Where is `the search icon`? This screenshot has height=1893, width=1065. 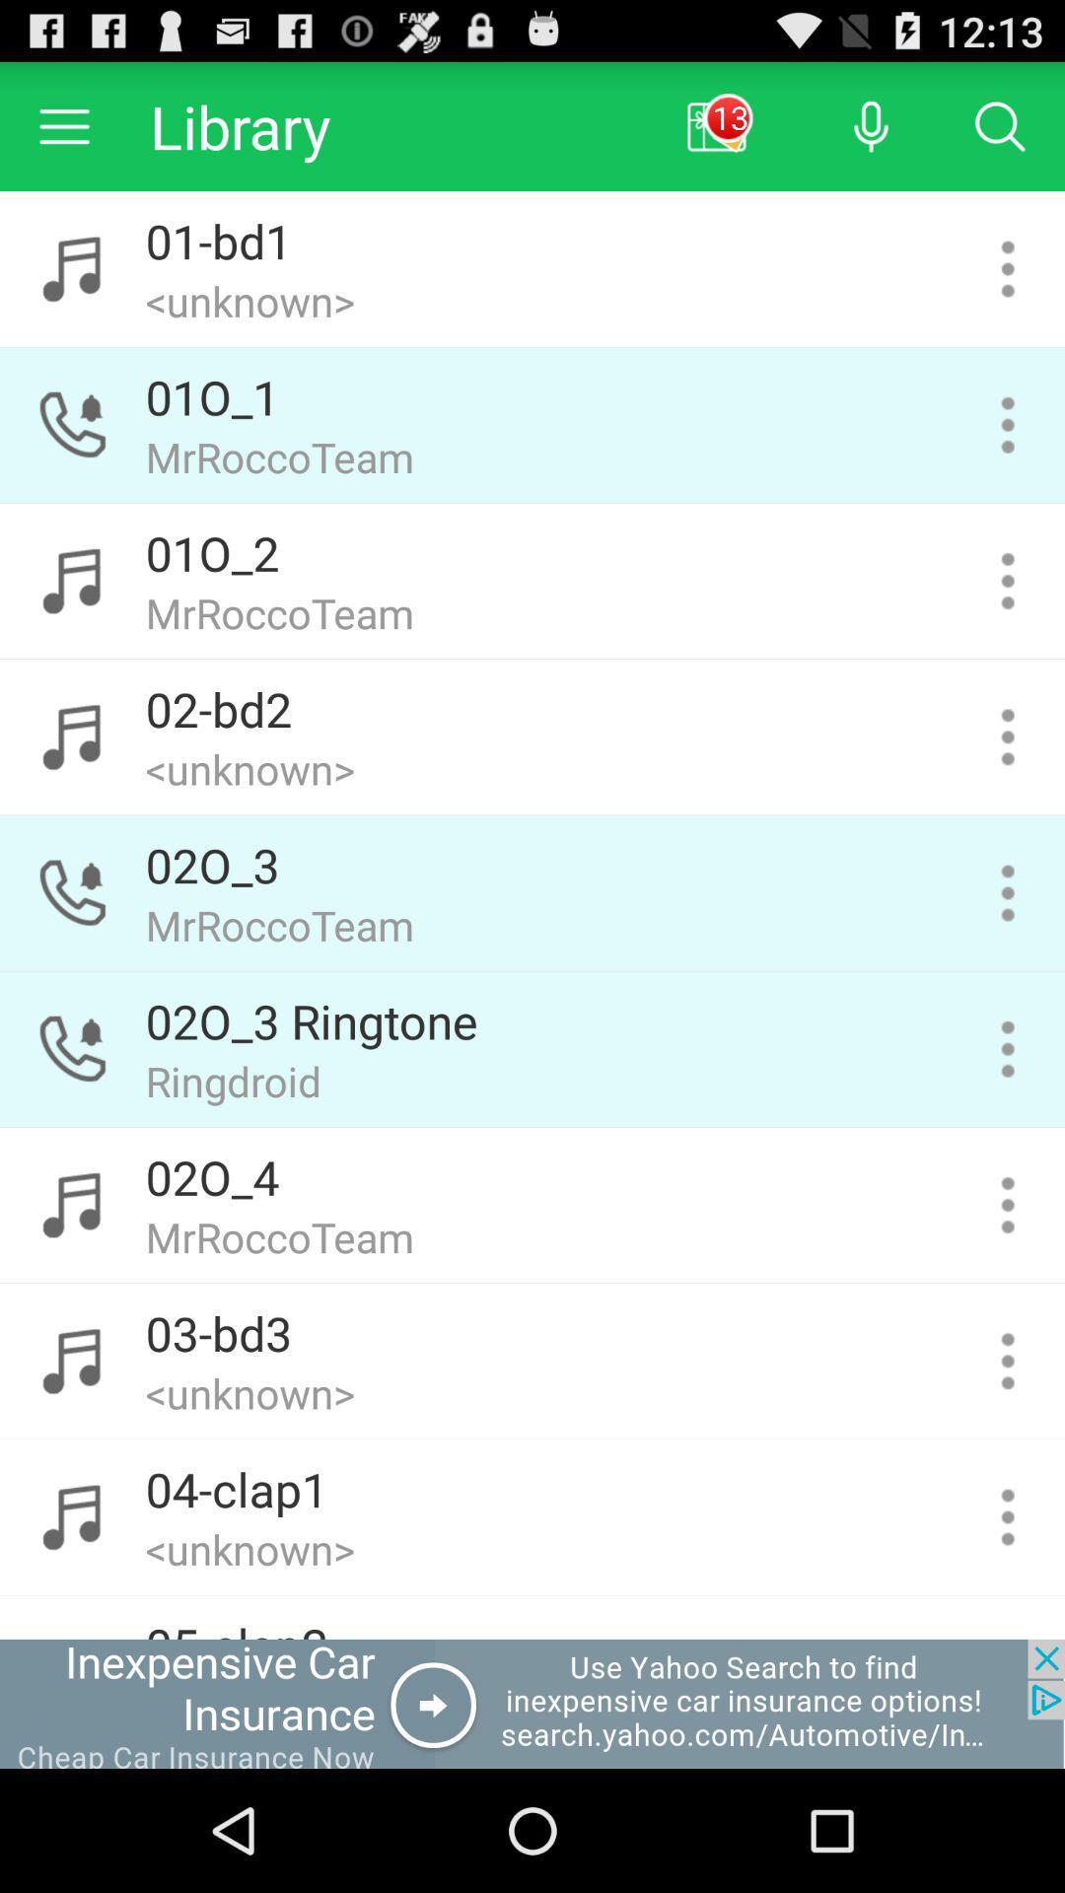
the search icon is located at coordinates (1000, 134).